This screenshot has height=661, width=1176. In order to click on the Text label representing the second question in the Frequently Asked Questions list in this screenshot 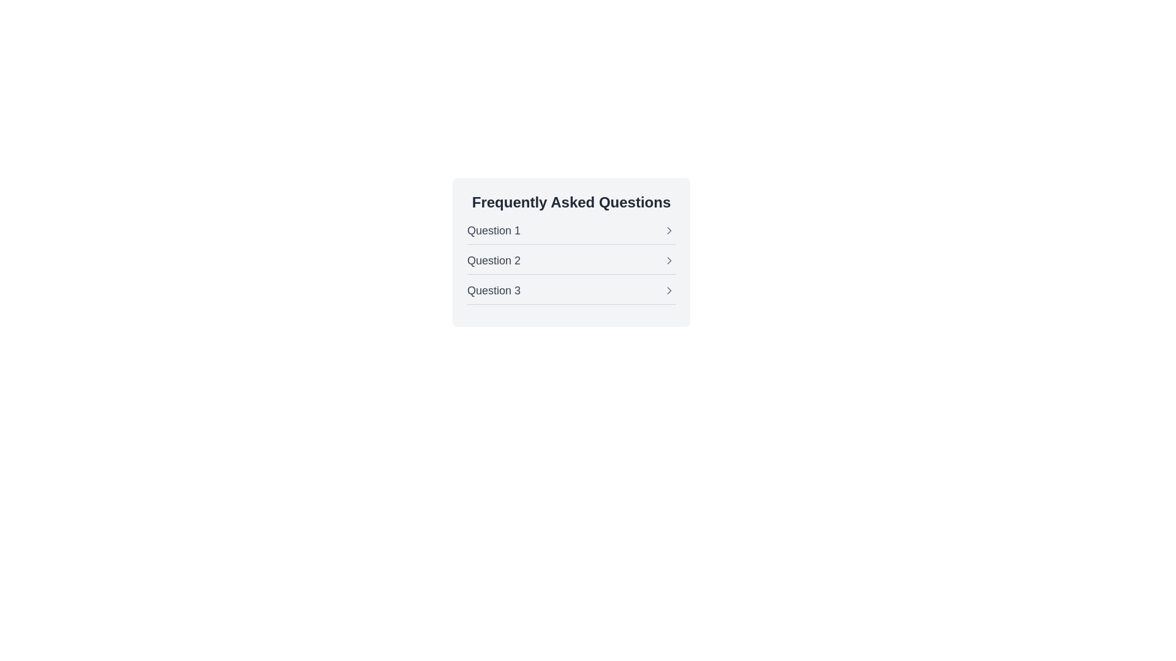, I will do `click(494, 260)`.